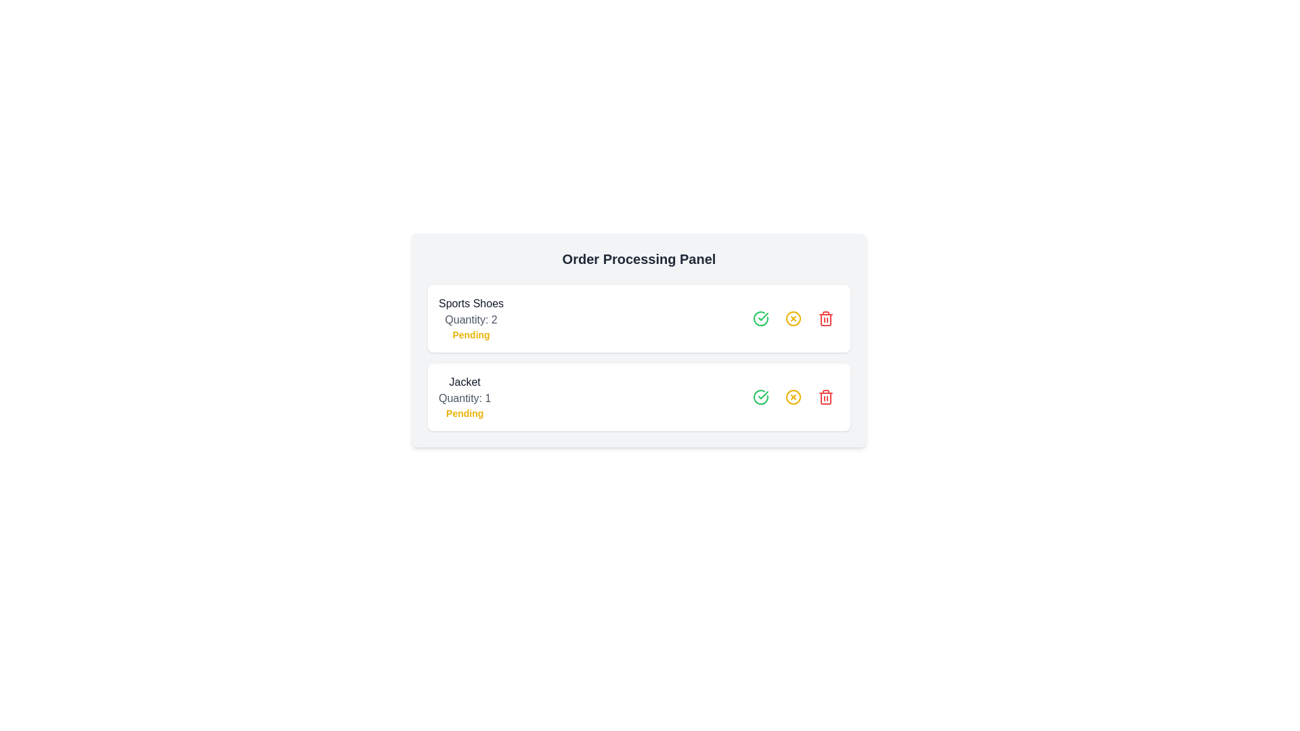 The width and height of the screenshot is (1300, 731). I want to click on the text label displaying 'Sports Shoes' located at the top of the 'Order Processing Panel' above the quantity and status text, so click(471, 303).